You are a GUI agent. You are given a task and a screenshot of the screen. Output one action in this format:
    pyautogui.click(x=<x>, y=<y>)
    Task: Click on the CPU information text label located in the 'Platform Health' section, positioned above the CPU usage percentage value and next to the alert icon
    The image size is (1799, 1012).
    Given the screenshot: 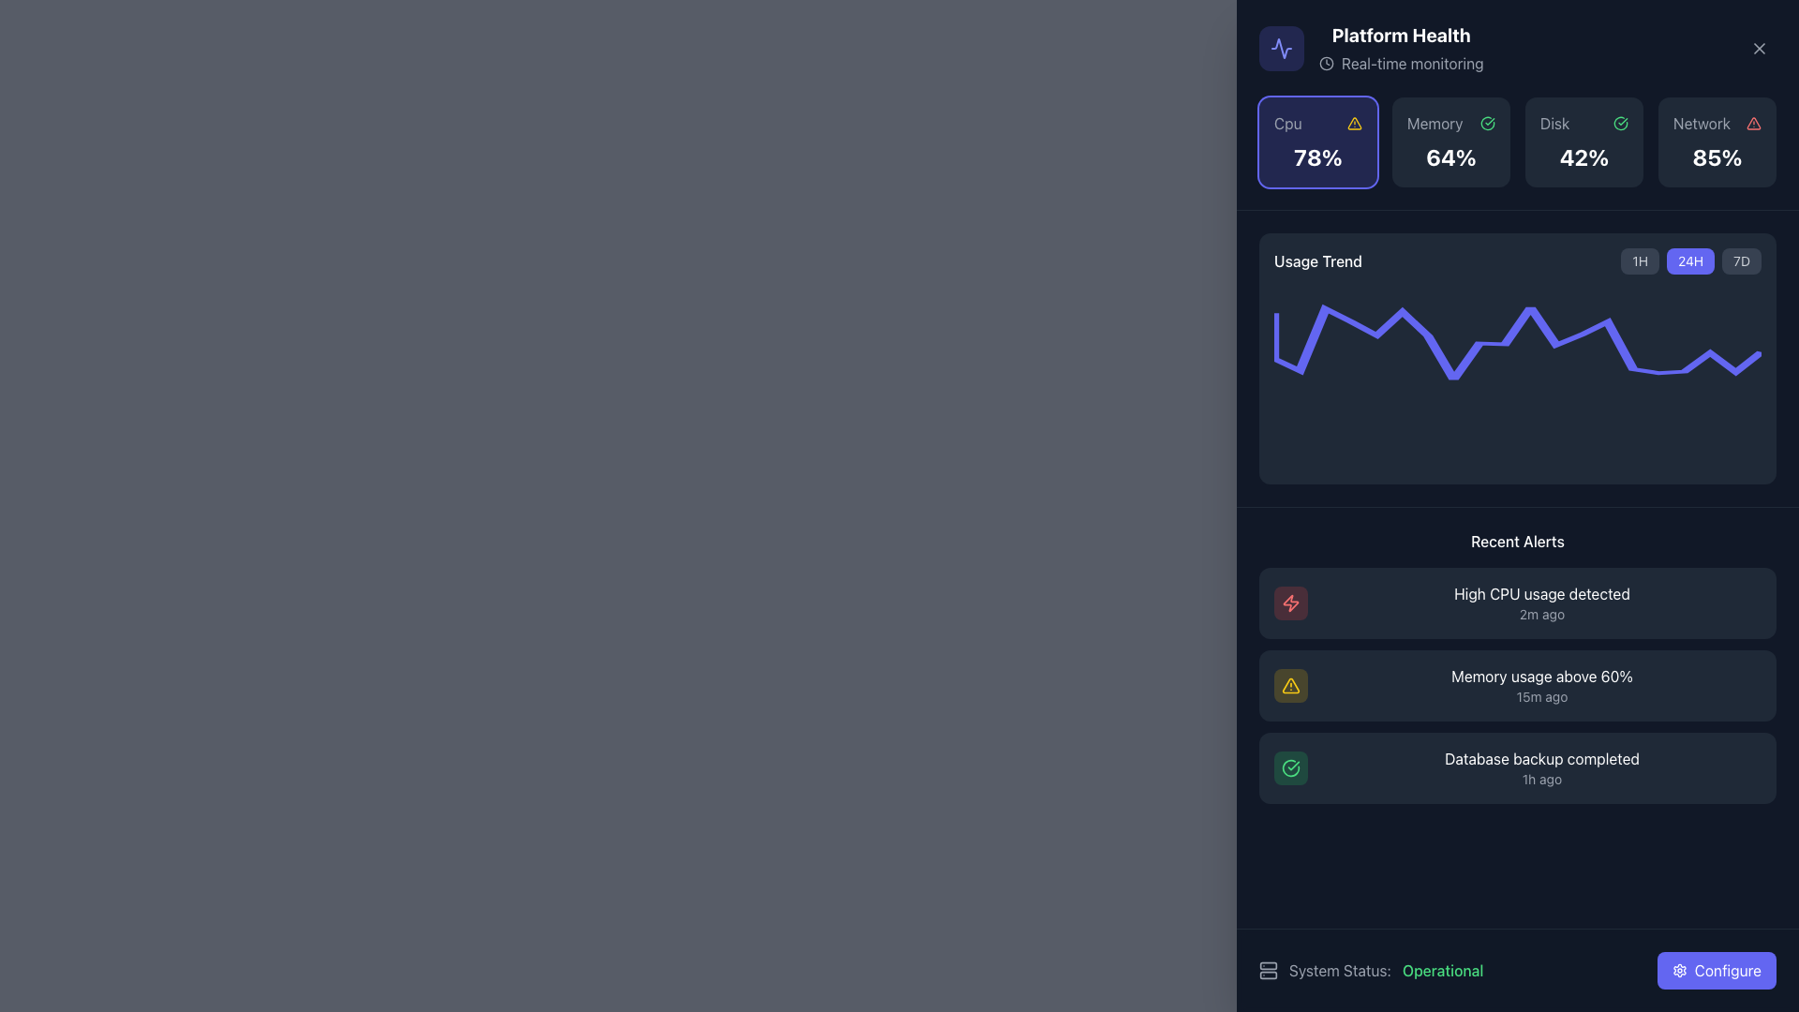 What is the action you would take?
    pyautogui.click(x=1286, y=123)
    